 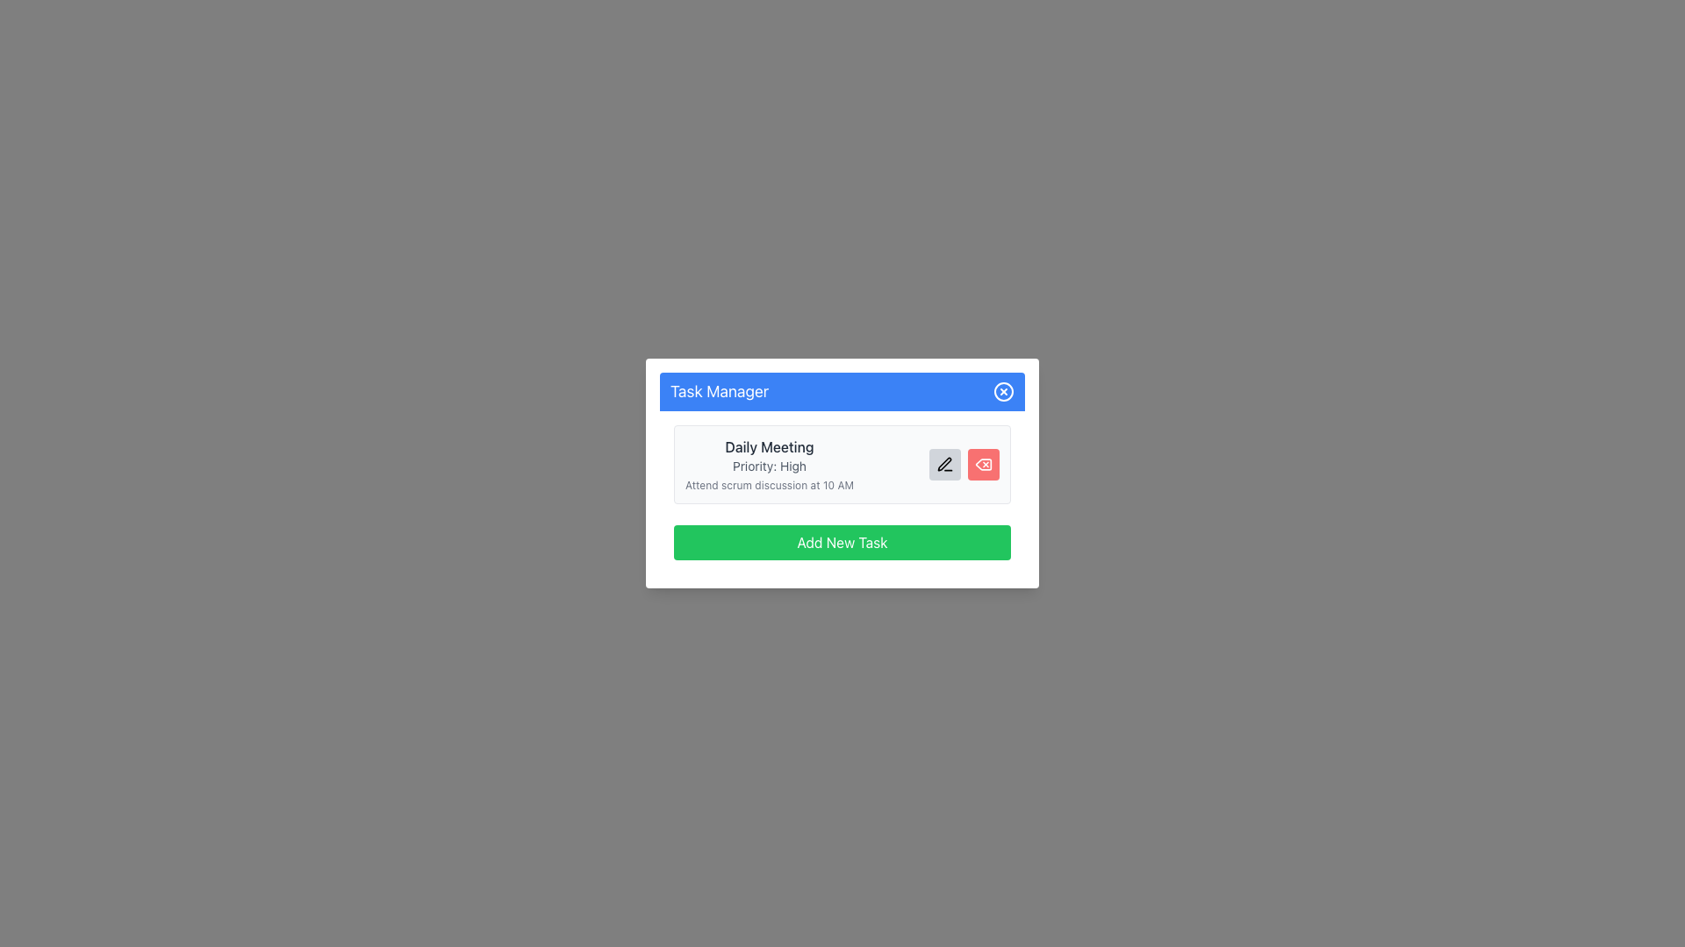 What do you see at coordinates (984, 463) in the screenshot?
I see `the delete button with a red background and a trash can icon, which is the second button in the group near the right side of the task details box for 'Daily Meeting', to observe any hover effects` at bounding box center [984, 463].